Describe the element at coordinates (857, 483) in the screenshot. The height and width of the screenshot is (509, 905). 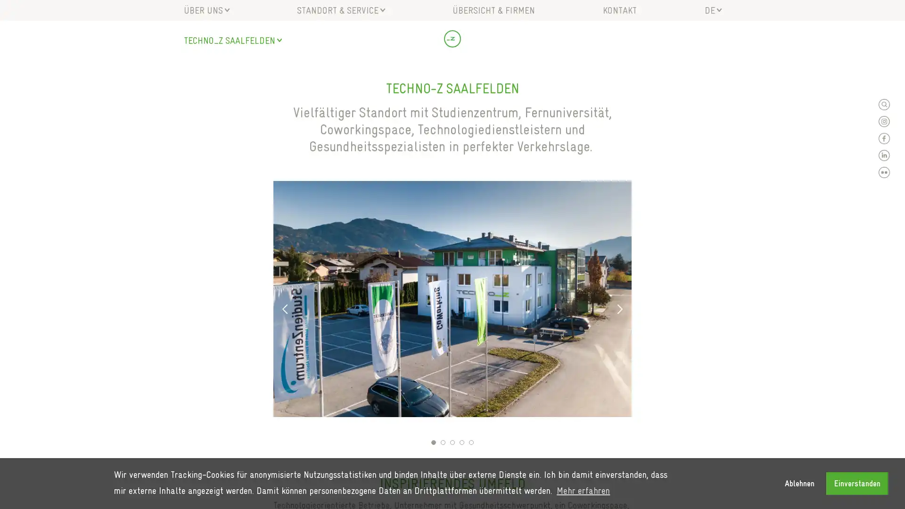
I see `allow cookies` at that location.